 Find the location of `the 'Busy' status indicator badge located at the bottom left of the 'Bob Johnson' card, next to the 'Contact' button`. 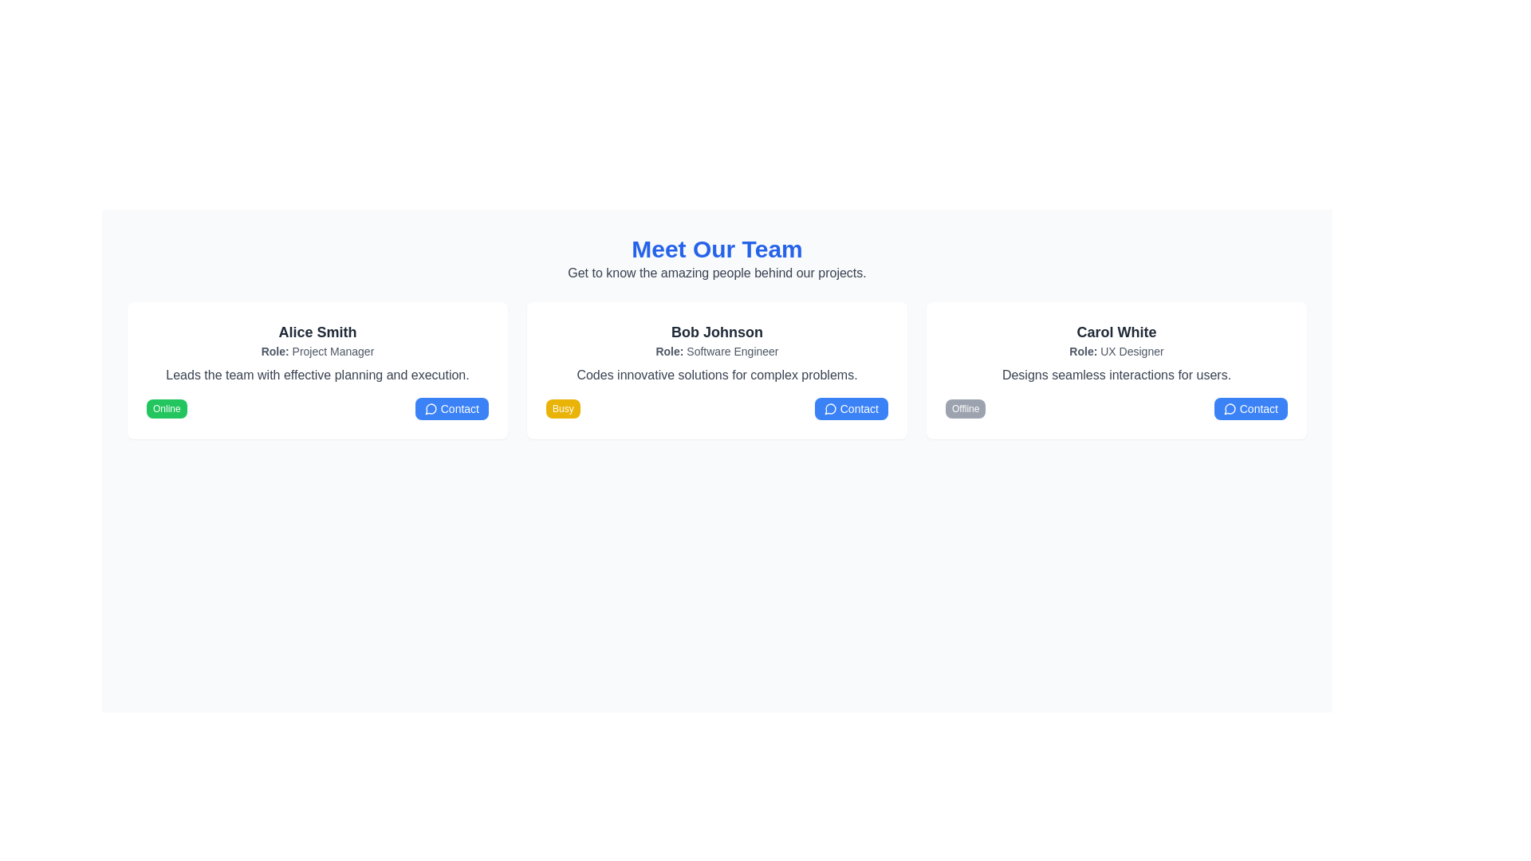

the 'Busy' status indicator badge located at the bottom left of the 'Bob Johnson' card, next to the 'Contact' button is located at coordinates (563, 408).